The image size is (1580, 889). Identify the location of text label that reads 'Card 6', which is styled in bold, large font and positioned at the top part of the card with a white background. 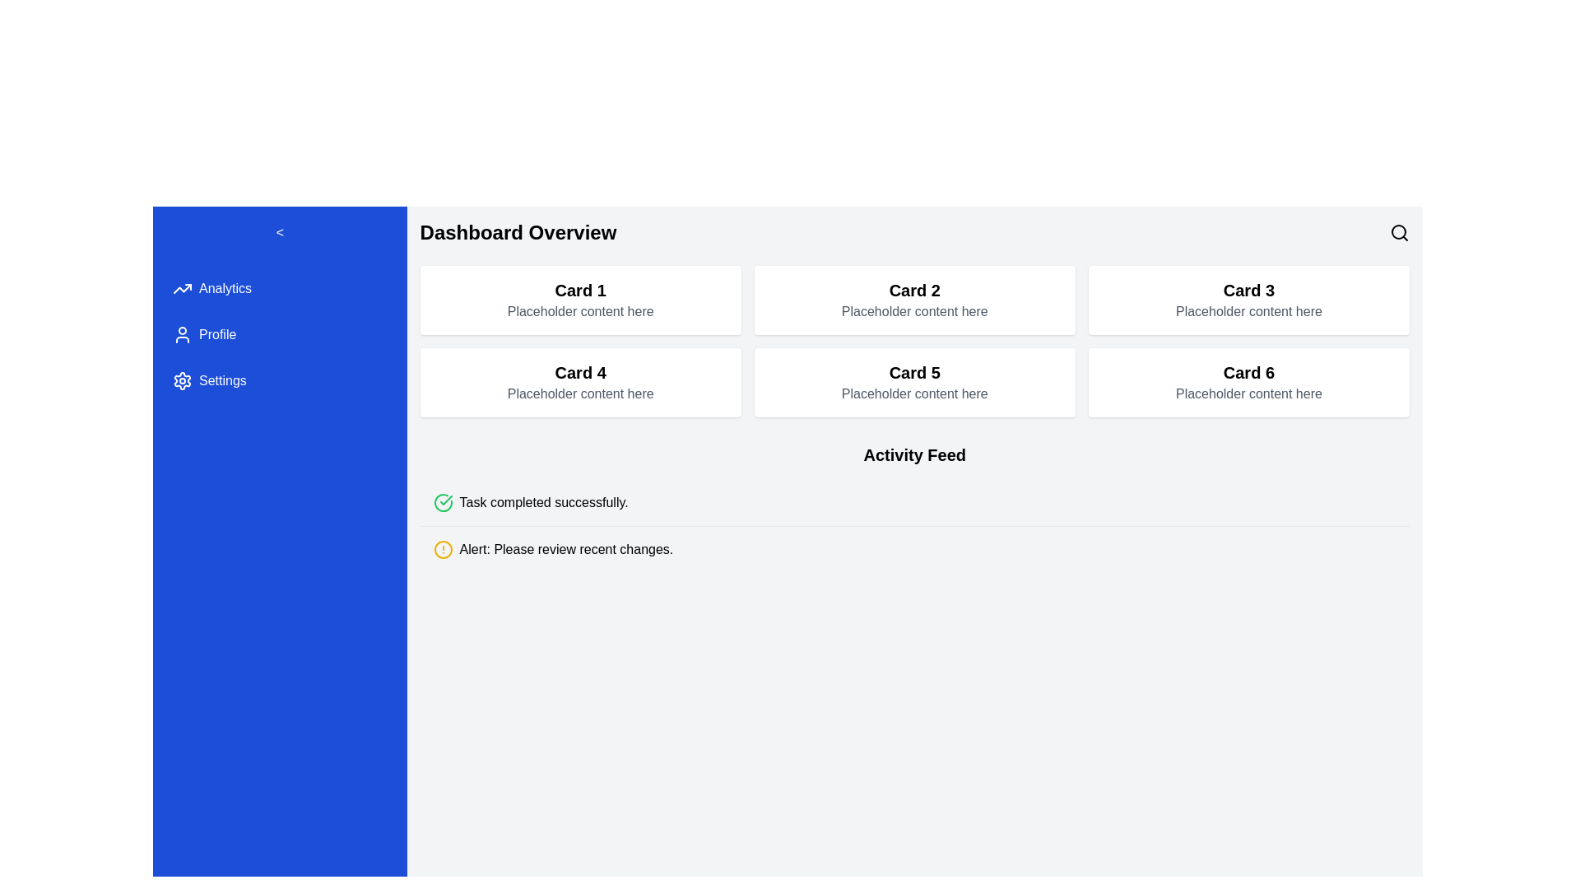
(1248, 372).